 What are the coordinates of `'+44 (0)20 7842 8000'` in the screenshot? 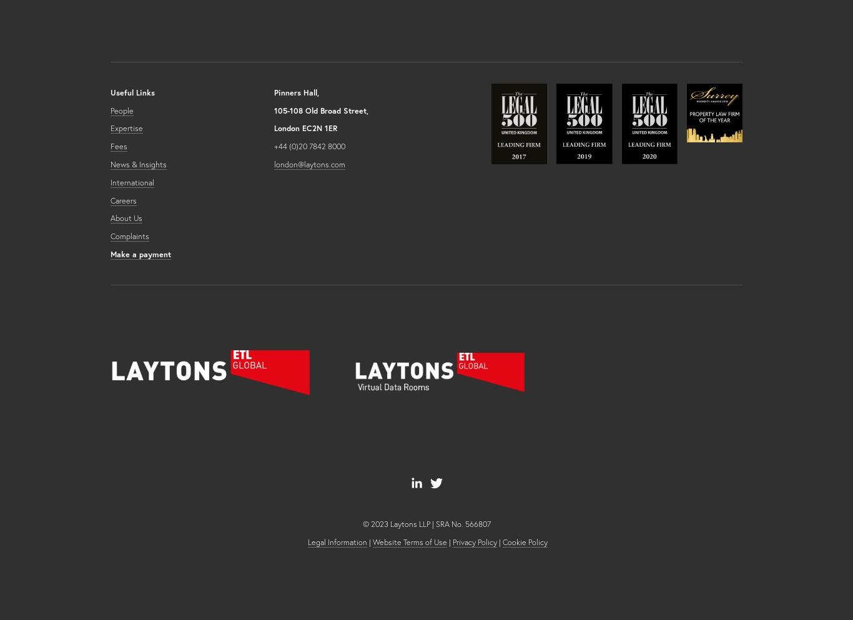 It's located at (272, 145).